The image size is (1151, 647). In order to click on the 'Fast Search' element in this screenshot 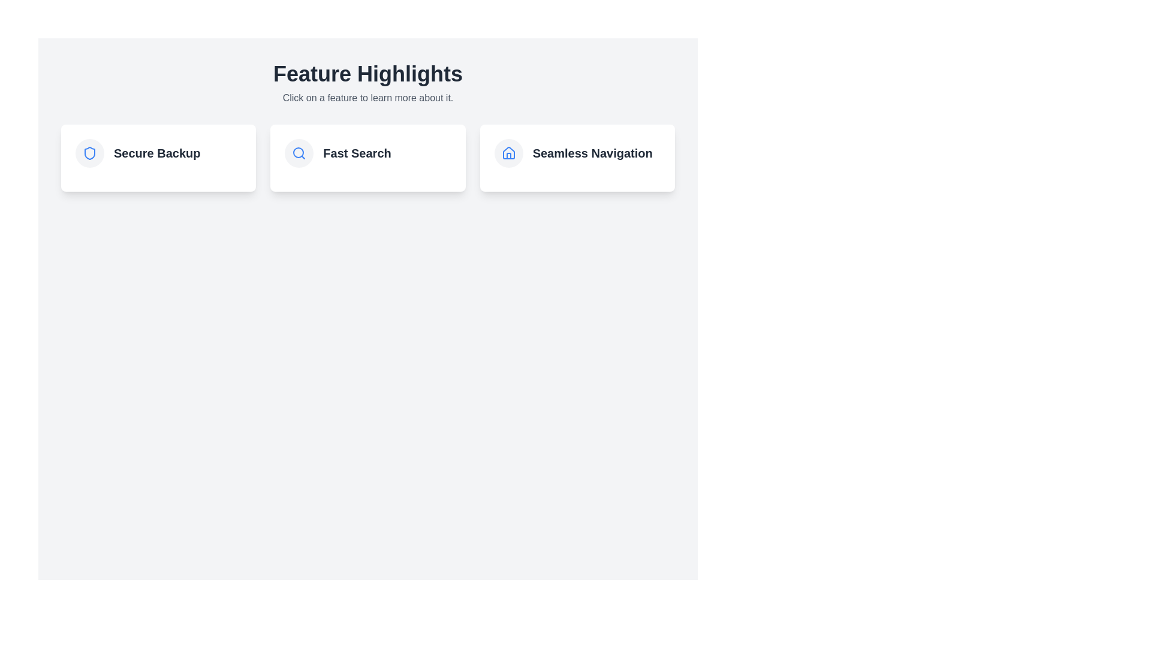, I will do `click(367, 152)`.